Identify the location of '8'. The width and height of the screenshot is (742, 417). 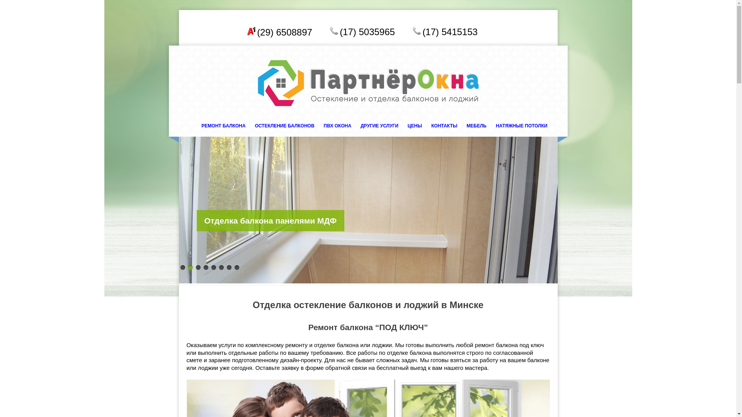
(236, 267).